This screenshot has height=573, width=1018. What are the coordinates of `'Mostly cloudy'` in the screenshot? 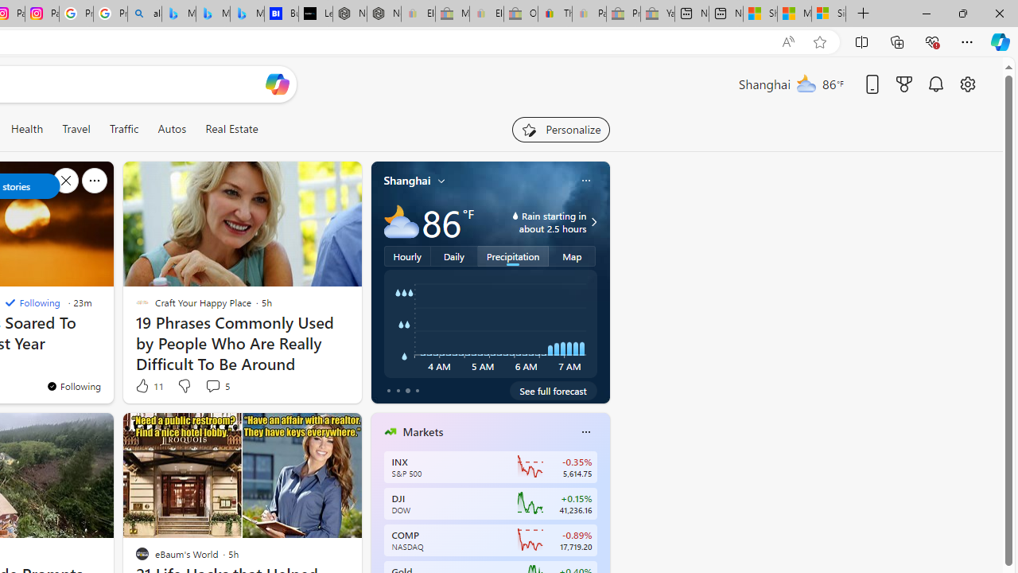 It's located at (401, 222).